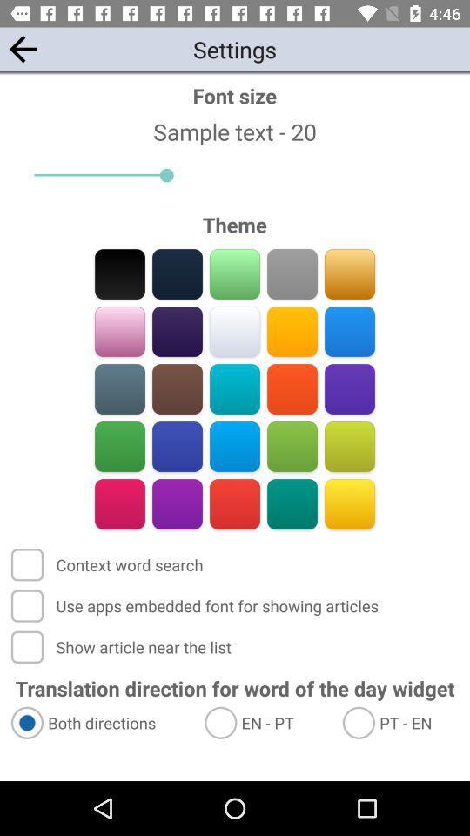 The image size is (470, 836). Describe the element at coordinates (196, 606) in the screenshot. I see `the icon below context word search icon` at that location.